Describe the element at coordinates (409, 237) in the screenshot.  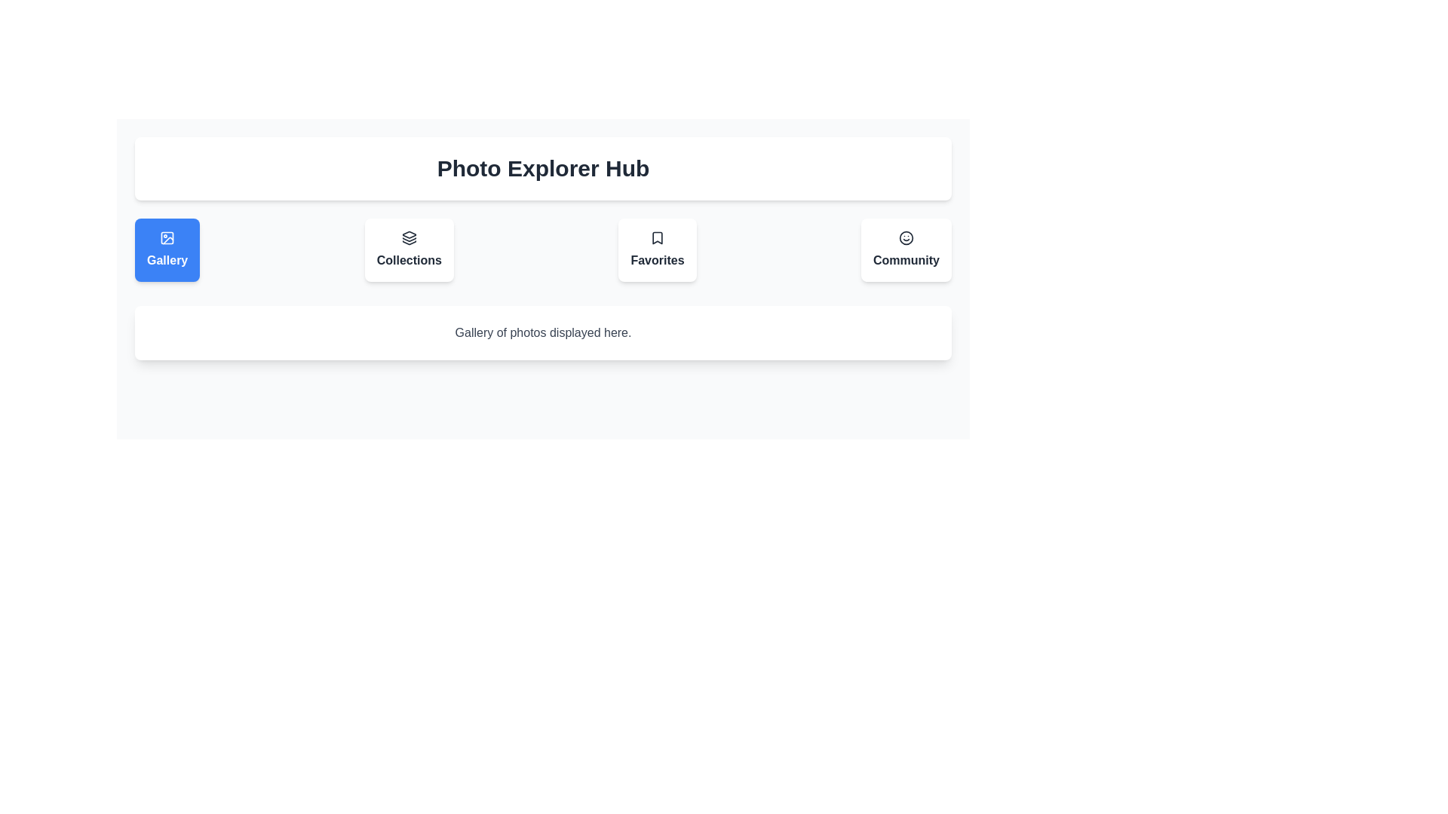
I see `the minimalistic stack icon located in the 'Collections' section of the navigation menu` at that location.